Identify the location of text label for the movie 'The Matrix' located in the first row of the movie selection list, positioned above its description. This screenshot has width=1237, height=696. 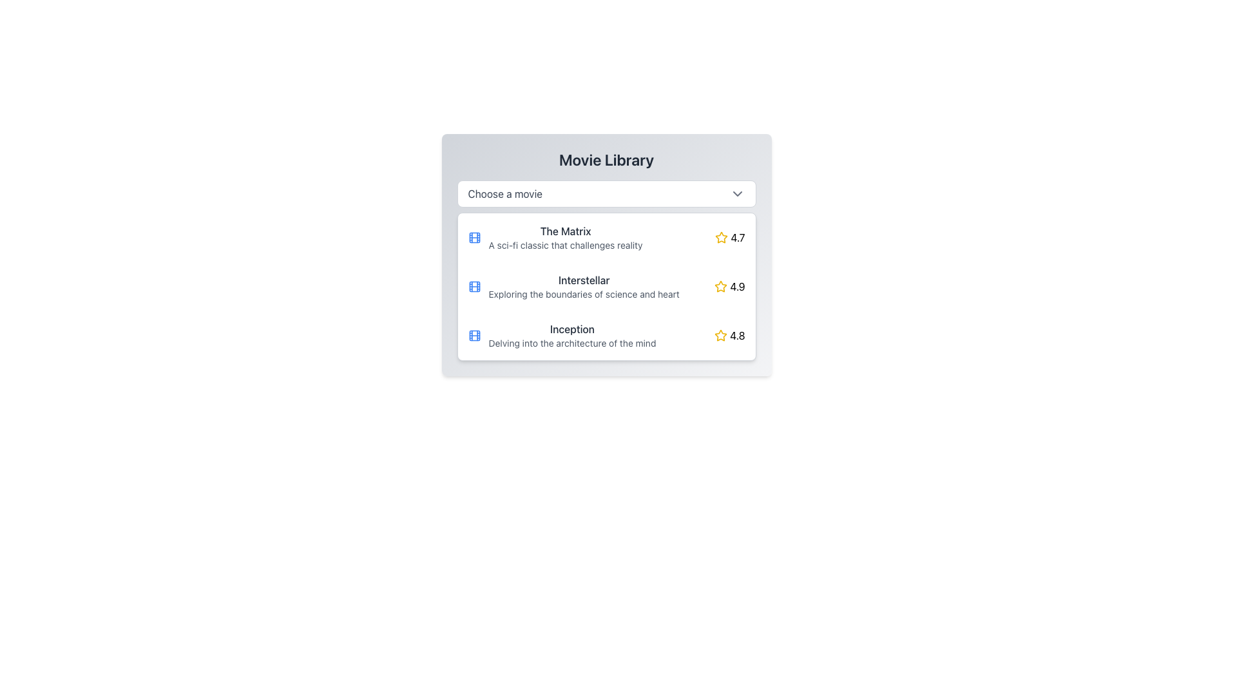
(566, 230).